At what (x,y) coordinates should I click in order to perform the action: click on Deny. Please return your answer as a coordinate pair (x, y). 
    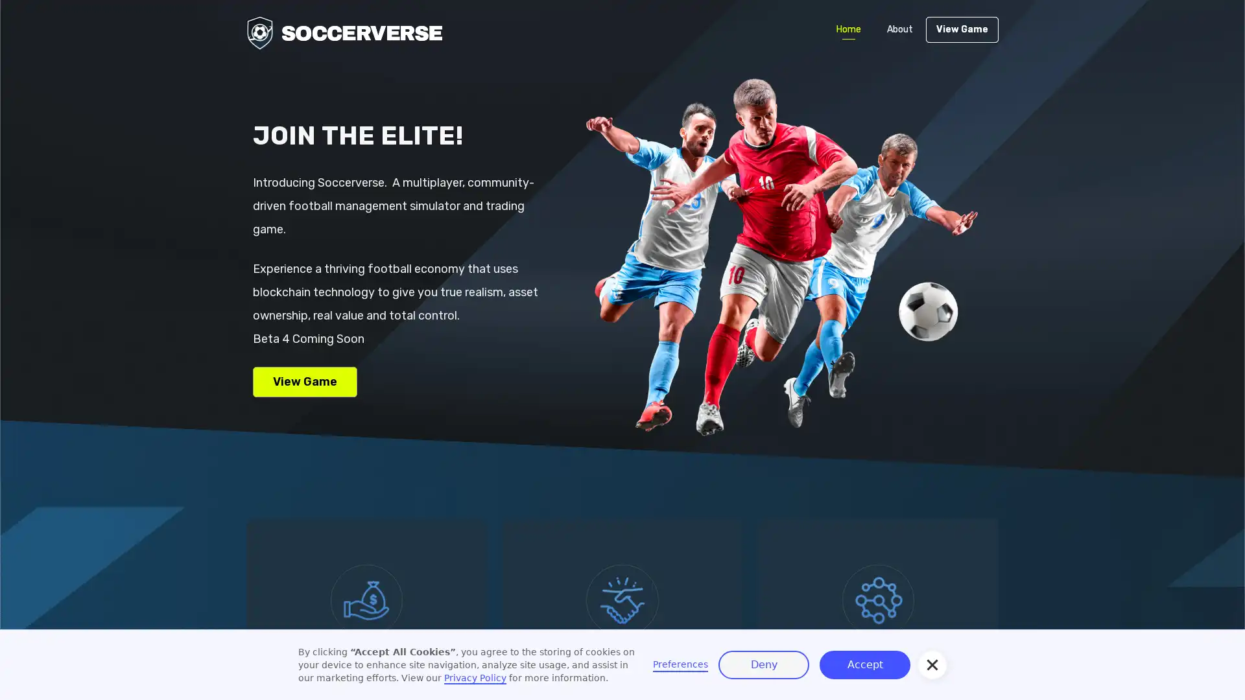
    Looking at the image, I should click on (763, 665).